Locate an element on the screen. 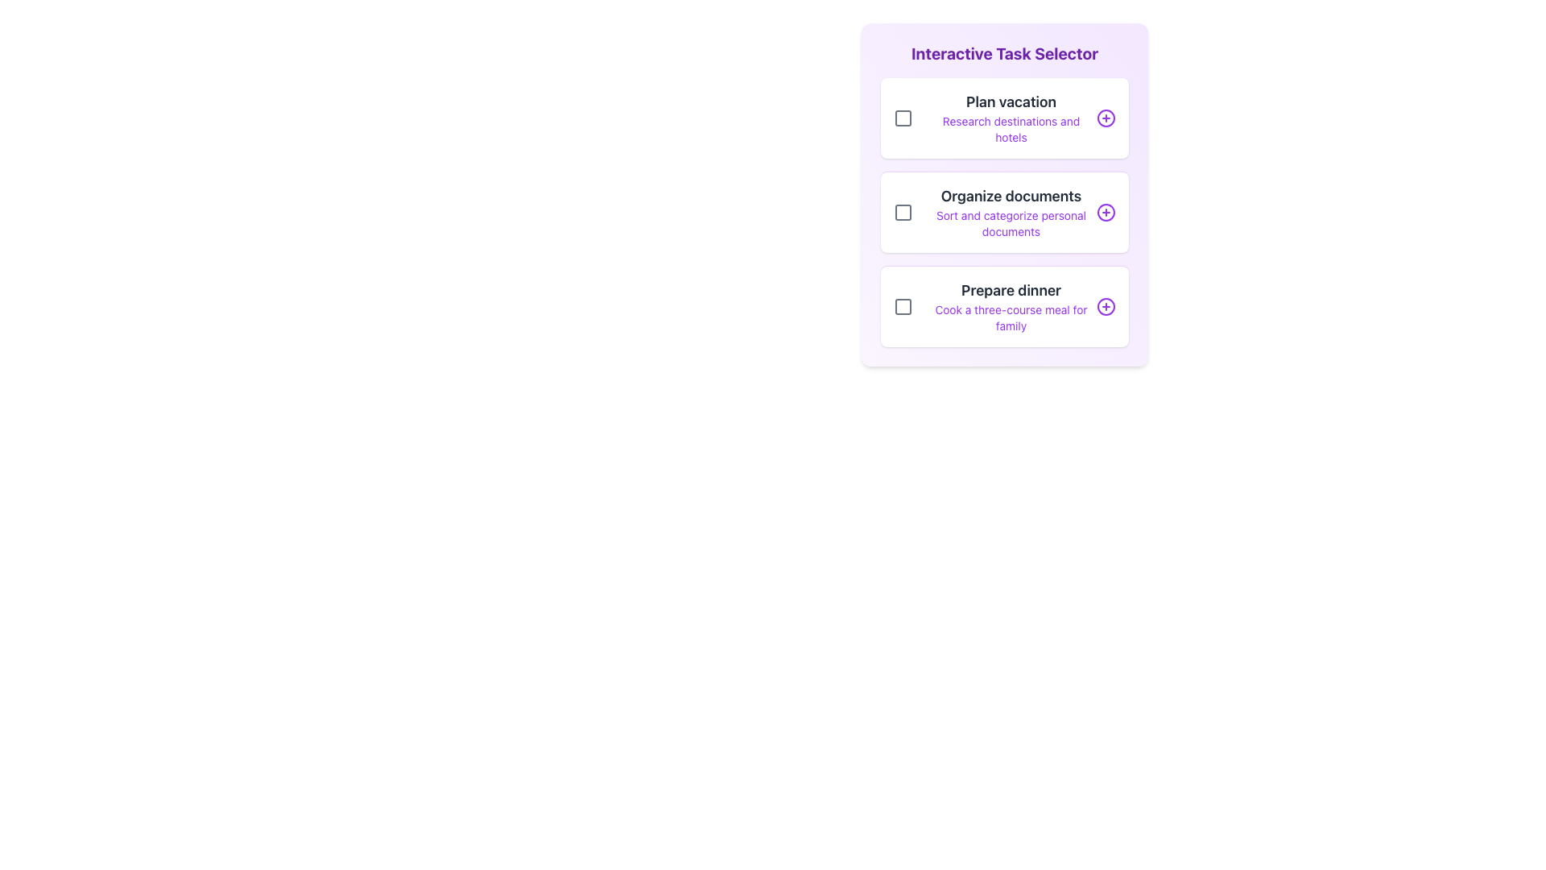 This screenshot has height=870, width=1546. the third item in the task list, which includes a checkbox, located within the 'Interactive Task Selector' box is located at coordinates (994, 307).